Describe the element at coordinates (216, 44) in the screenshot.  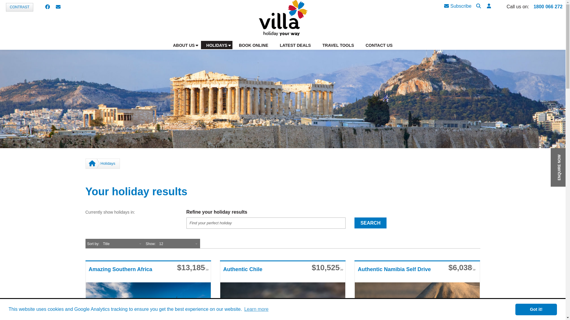
I see `'HOLIDAYS'` at that location.